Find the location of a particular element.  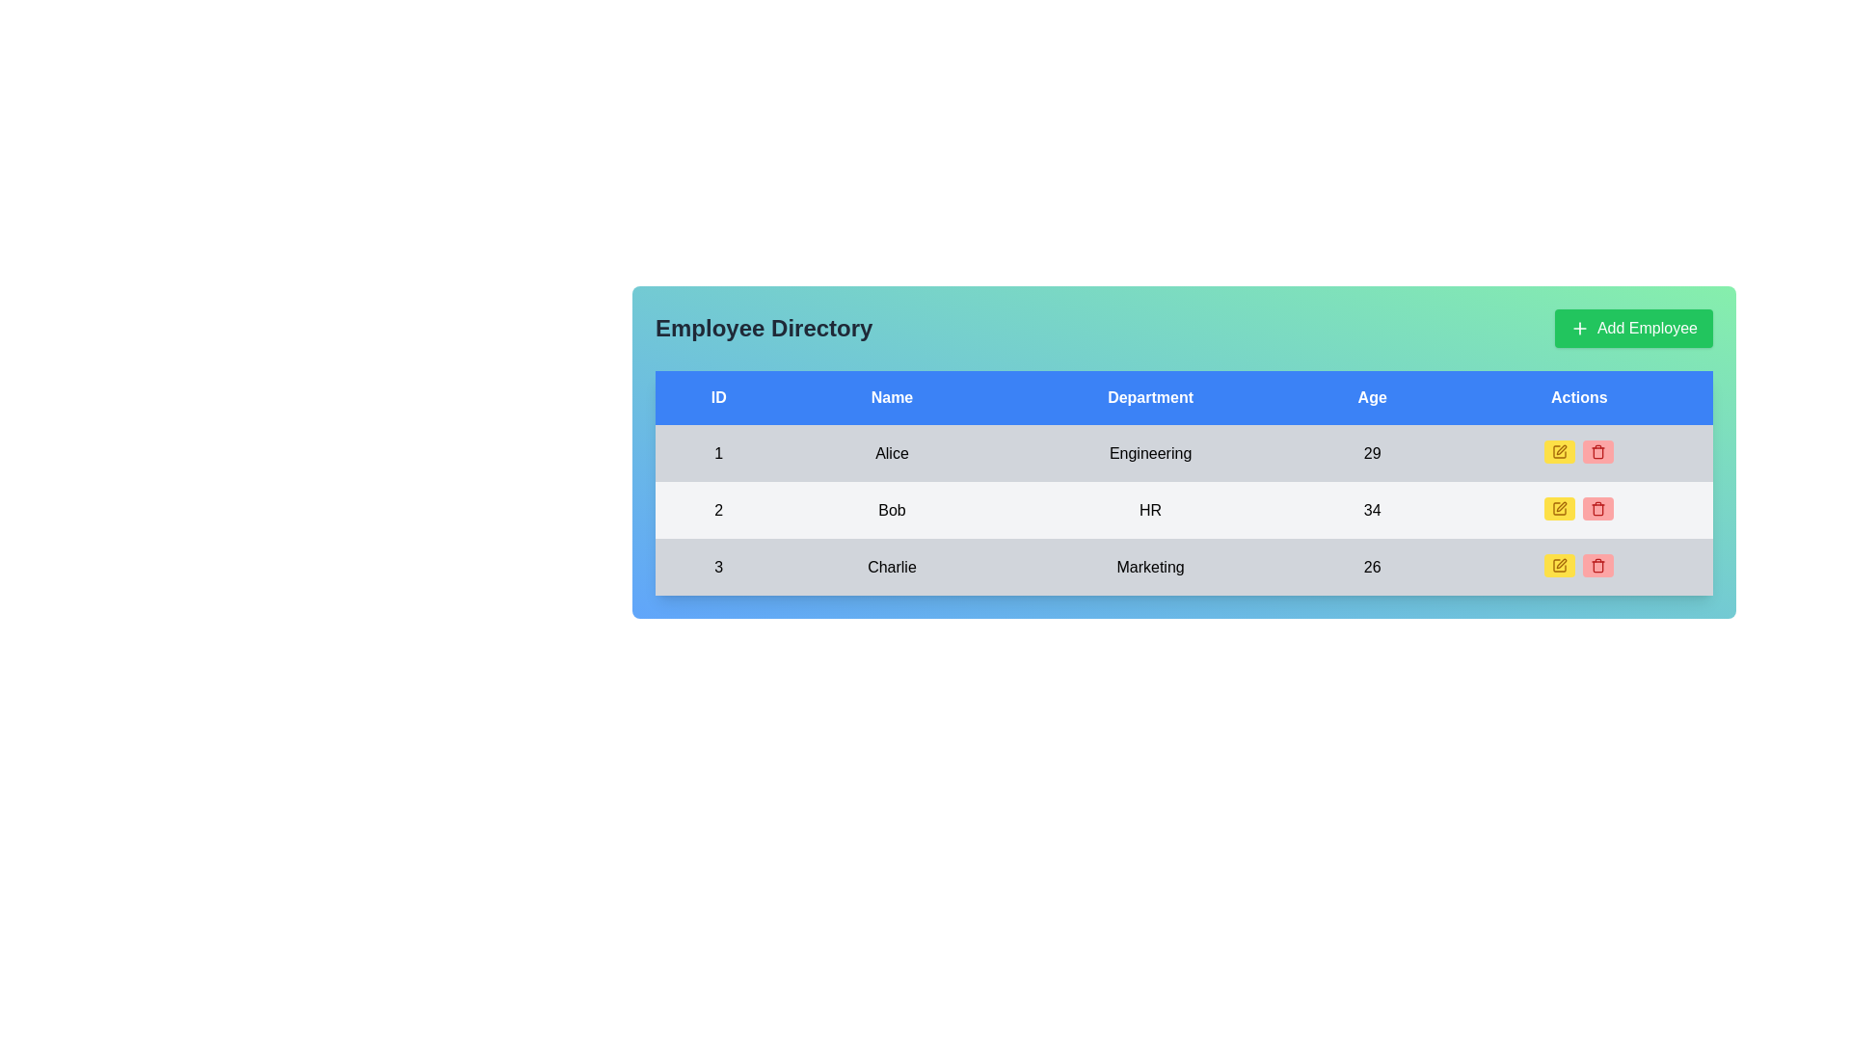

the delete button with a light red background and a trash icon, located in the 'Actions' column for the employee 'Bob' in the 'Employee Directory' table is located at coordinates (1598, 508).